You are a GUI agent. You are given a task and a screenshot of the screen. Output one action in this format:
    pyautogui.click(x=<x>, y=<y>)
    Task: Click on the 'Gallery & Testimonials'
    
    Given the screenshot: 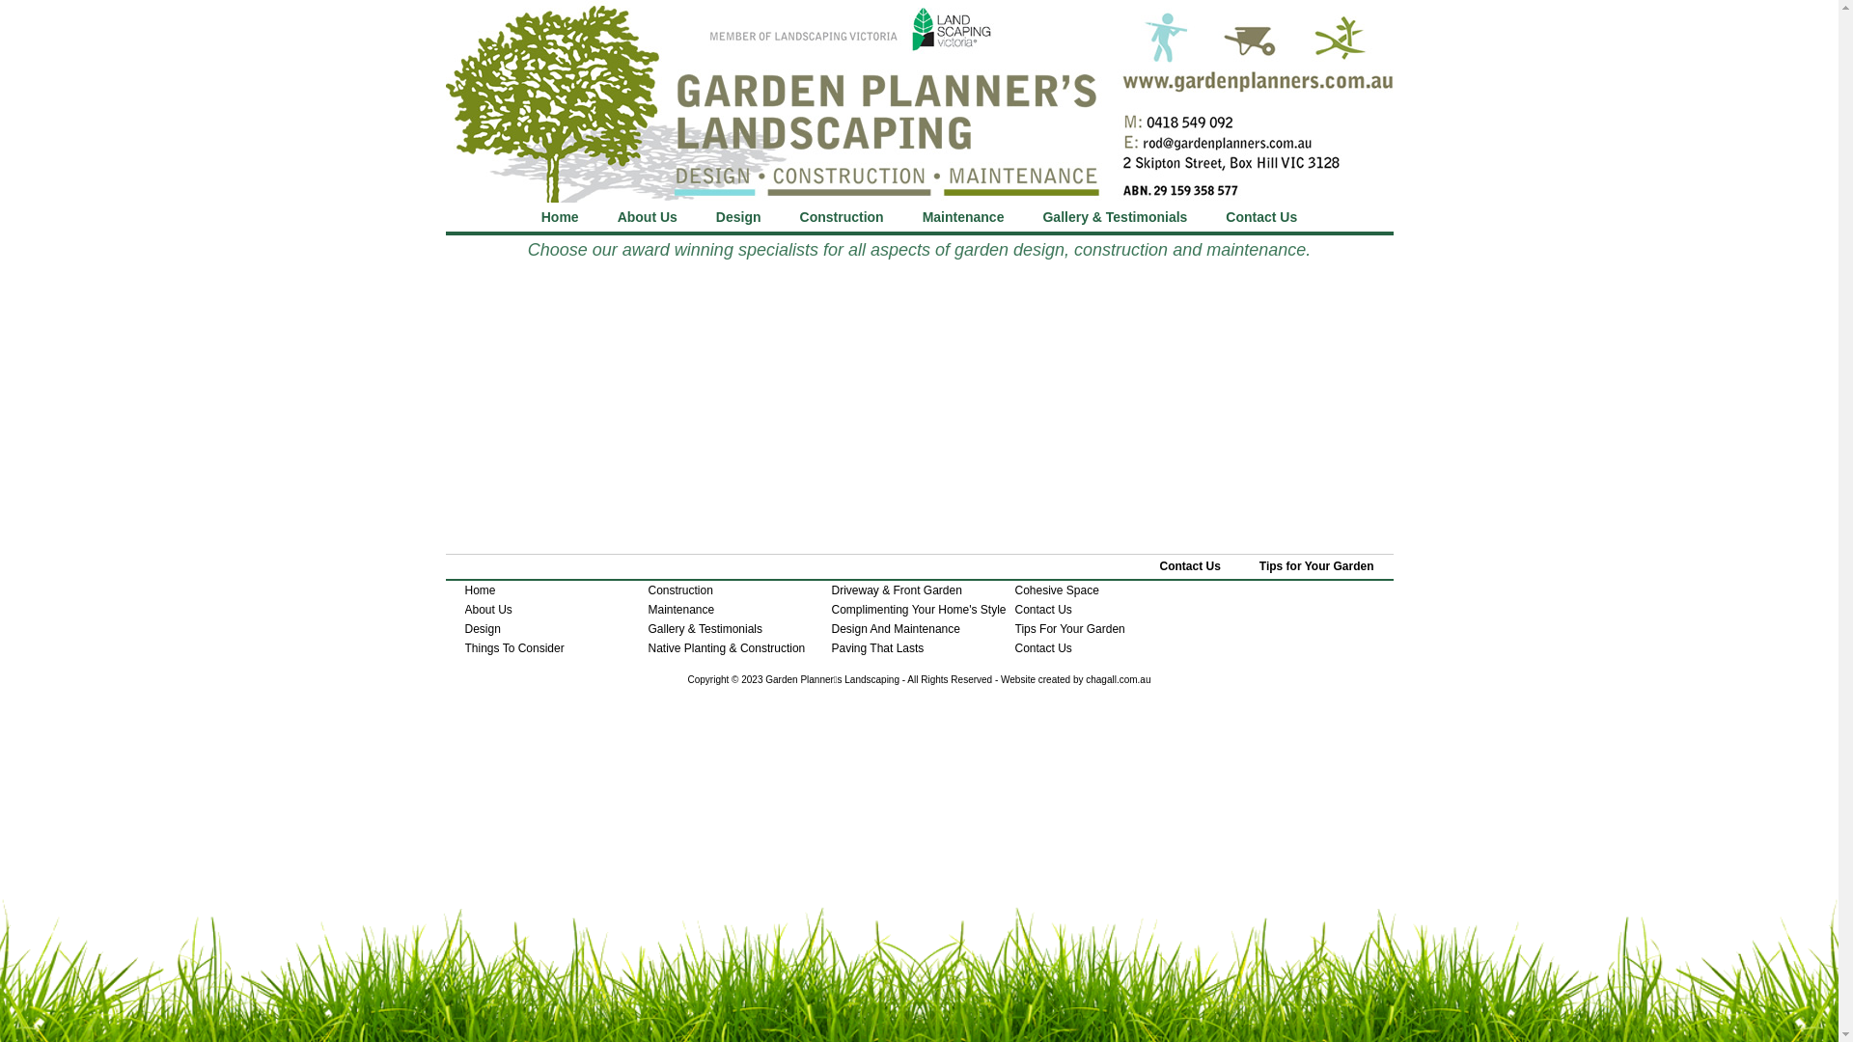 What is the action you would take?
    pyautogui.click(x=705, y=628)
    